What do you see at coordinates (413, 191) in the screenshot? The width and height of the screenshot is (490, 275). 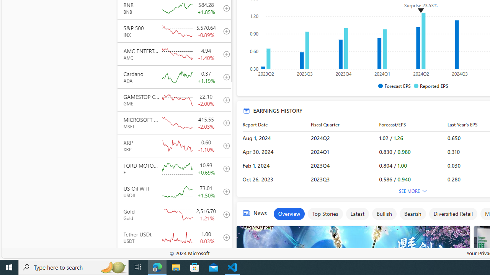 I see `'SEE MORE'` at bounding box center [413, 191].